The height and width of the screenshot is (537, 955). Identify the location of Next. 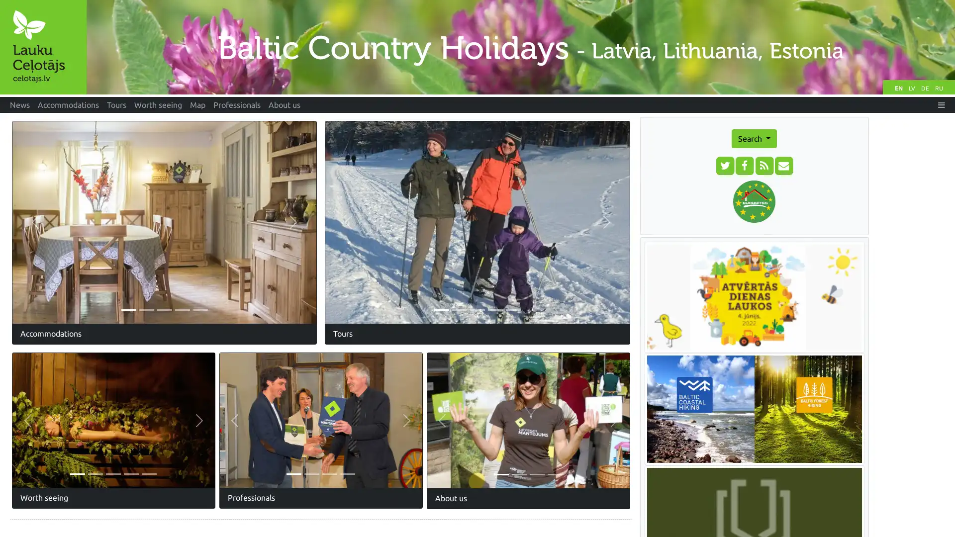
(406, 420).